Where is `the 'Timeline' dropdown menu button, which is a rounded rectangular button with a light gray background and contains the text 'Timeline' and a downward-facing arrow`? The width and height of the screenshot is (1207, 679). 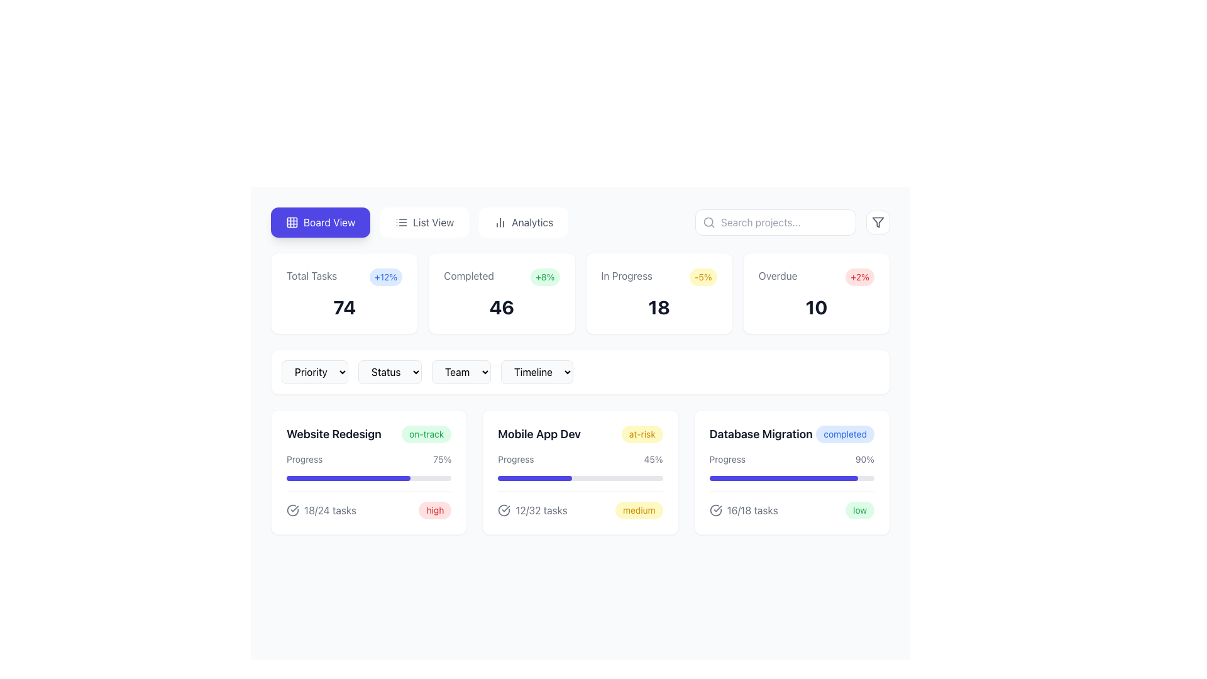 the 'Timeline' dropdown menu button, which is a rounded rectangular button with a light gray background and contains the text 'Timeline' and a downward-facing arrow is located at coordinates (537, 371).